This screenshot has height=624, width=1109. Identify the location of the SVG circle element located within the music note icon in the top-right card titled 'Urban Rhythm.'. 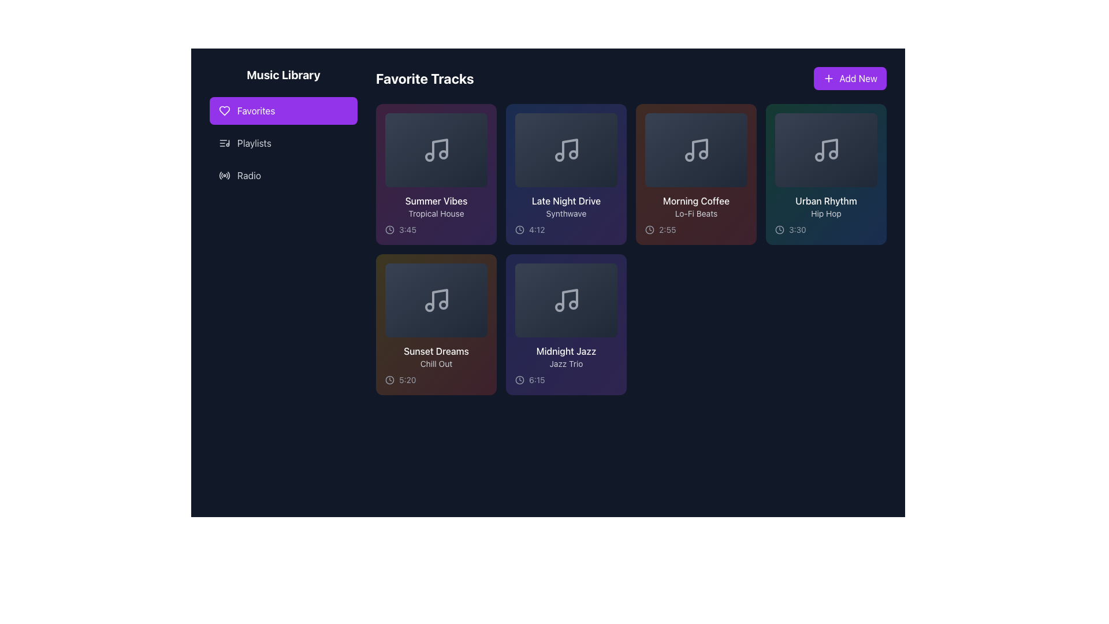
(818, 157).